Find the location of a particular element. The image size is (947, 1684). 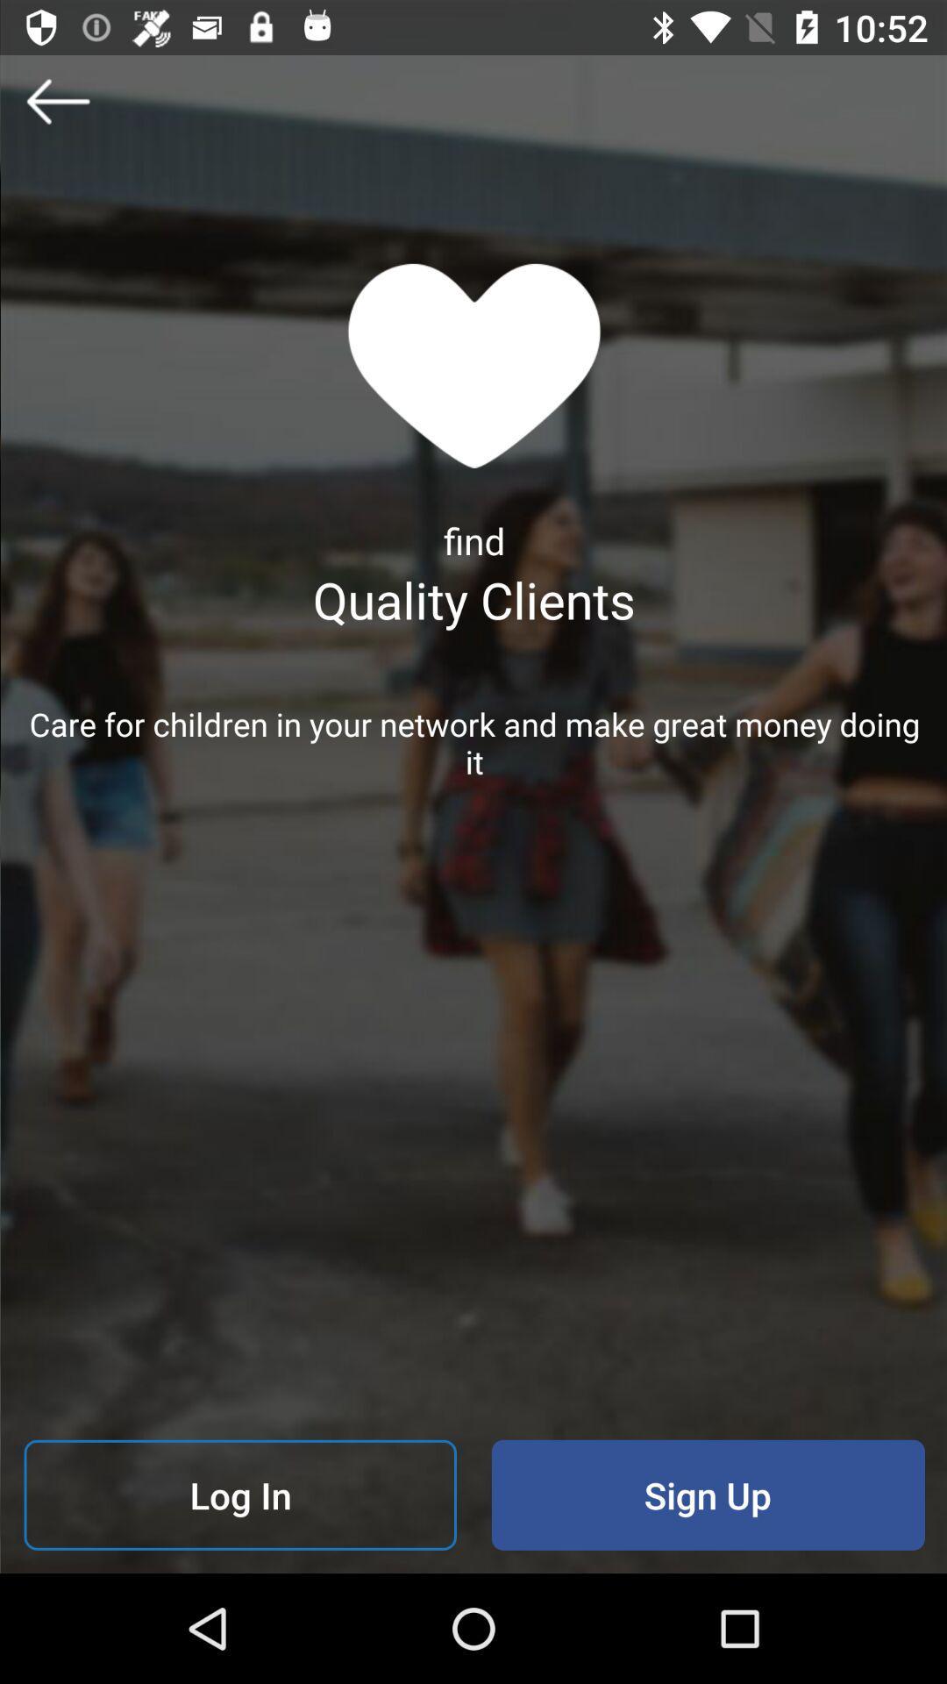

the arrow_backward icon is located at coordinates (56, 100).